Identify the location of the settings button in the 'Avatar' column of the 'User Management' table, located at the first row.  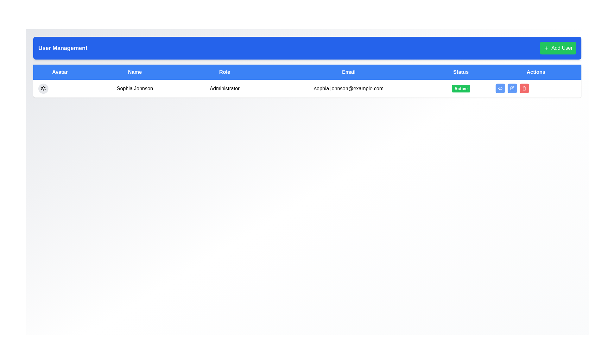
(43, 89).